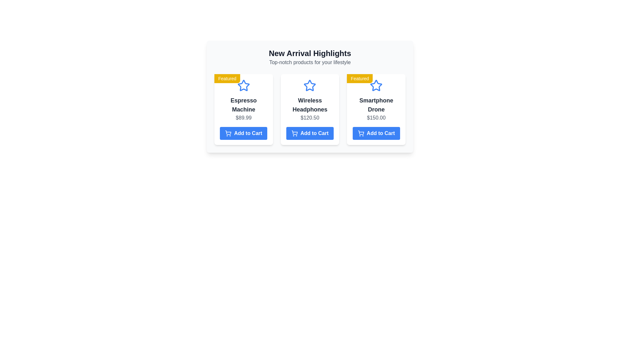  I want to click on product title 'Wireless Headphones' and the price '$120.50' from the product card which has a white background and a blue 'Add to Cart' button at the bottom, so click(310, 109).